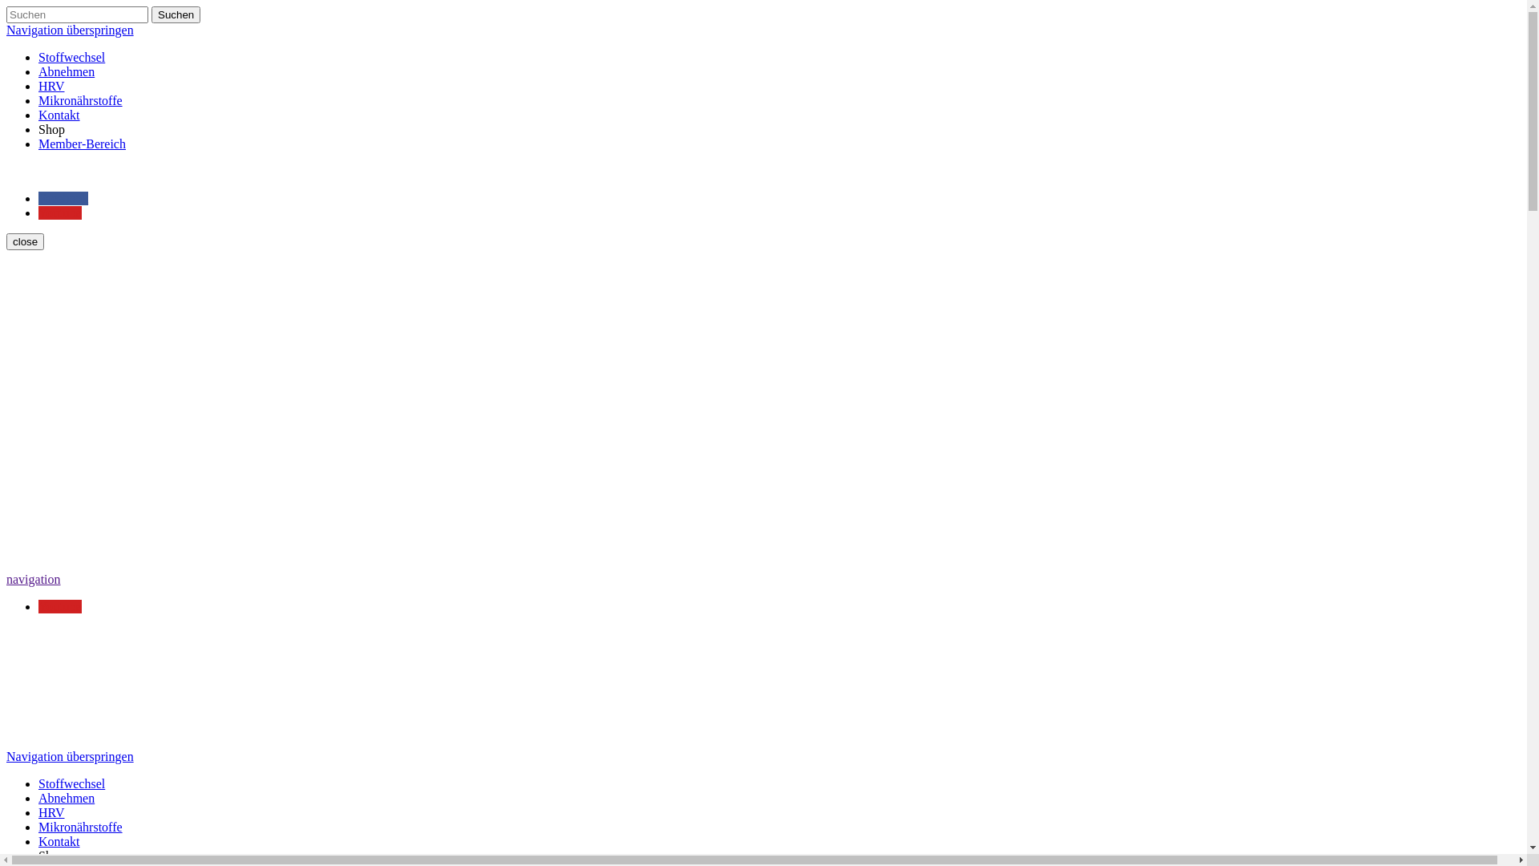  Describe the element at coordinates (59, 840) in the screenshot. I see `'Kontakt'` at that location.